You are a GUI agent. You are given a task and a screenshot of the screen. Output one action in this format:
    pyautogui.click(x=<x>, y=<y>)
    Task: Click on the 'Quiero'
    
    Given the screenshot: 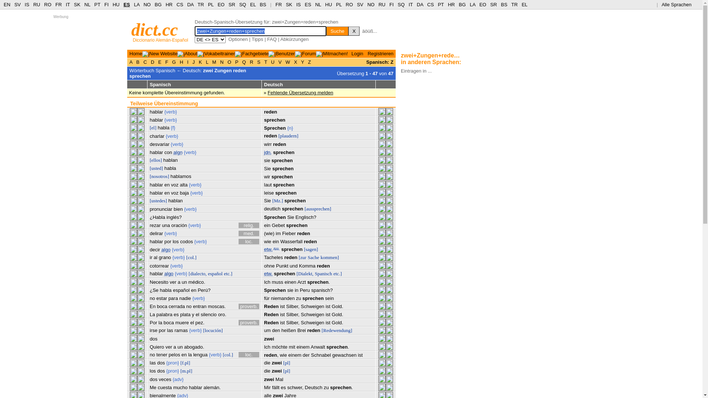 What is the action you would take?
    pyautogui.click(x=149, y=347)
    